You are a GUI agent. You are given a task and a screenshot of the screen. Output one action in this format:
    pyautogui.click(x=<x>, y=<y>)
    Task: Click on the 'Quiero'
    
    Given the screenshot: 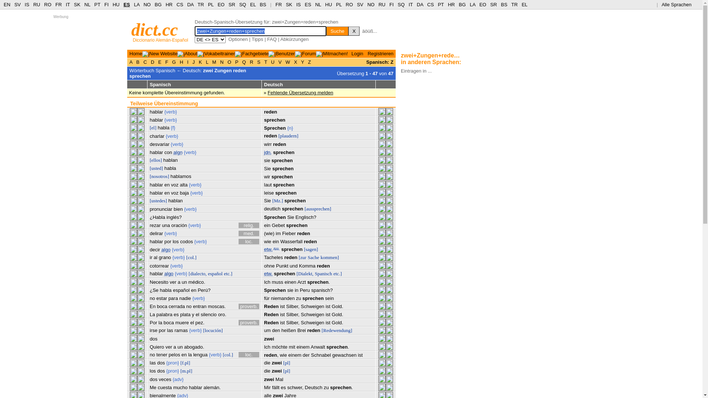 What is the action you would take?
    pyautogui.click(x=149, y=347)
    